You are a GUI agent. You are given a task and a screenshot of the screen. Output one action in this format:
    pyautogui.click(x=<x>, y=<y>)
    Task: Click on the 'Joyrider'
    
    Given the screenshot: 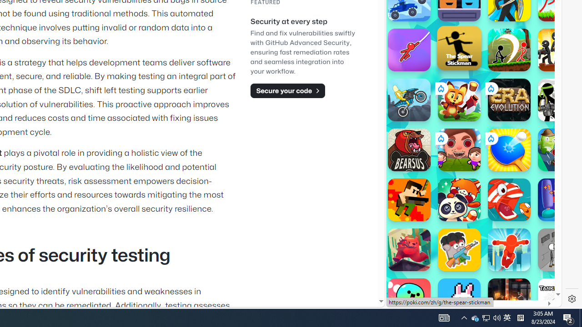 What is the action you would take?
    pyautogui.click(x=408, y=99)
    